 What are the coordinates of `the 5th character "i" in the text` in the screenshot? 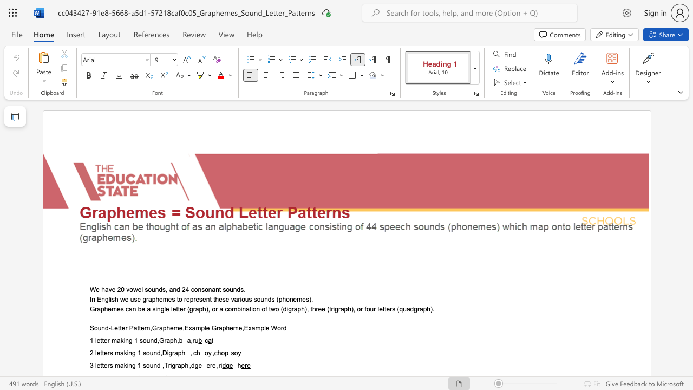 It's located at (333, 309).